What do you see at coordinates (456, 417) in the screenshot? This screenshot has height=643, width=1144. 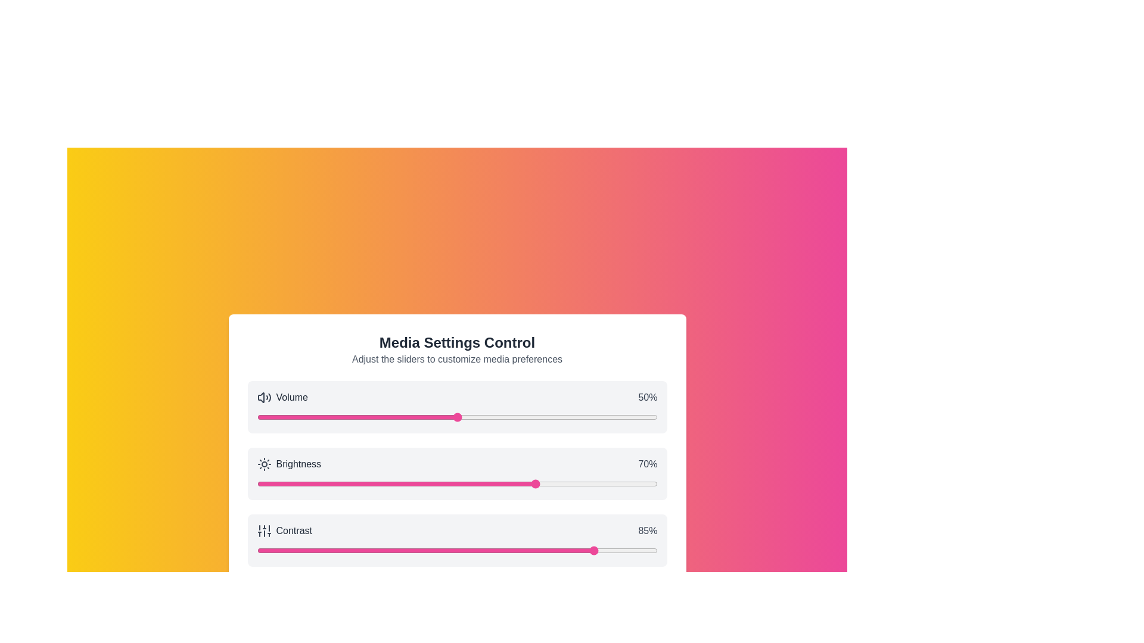 I see `the 0 slider to 50%` at bounding box center [456, 417].